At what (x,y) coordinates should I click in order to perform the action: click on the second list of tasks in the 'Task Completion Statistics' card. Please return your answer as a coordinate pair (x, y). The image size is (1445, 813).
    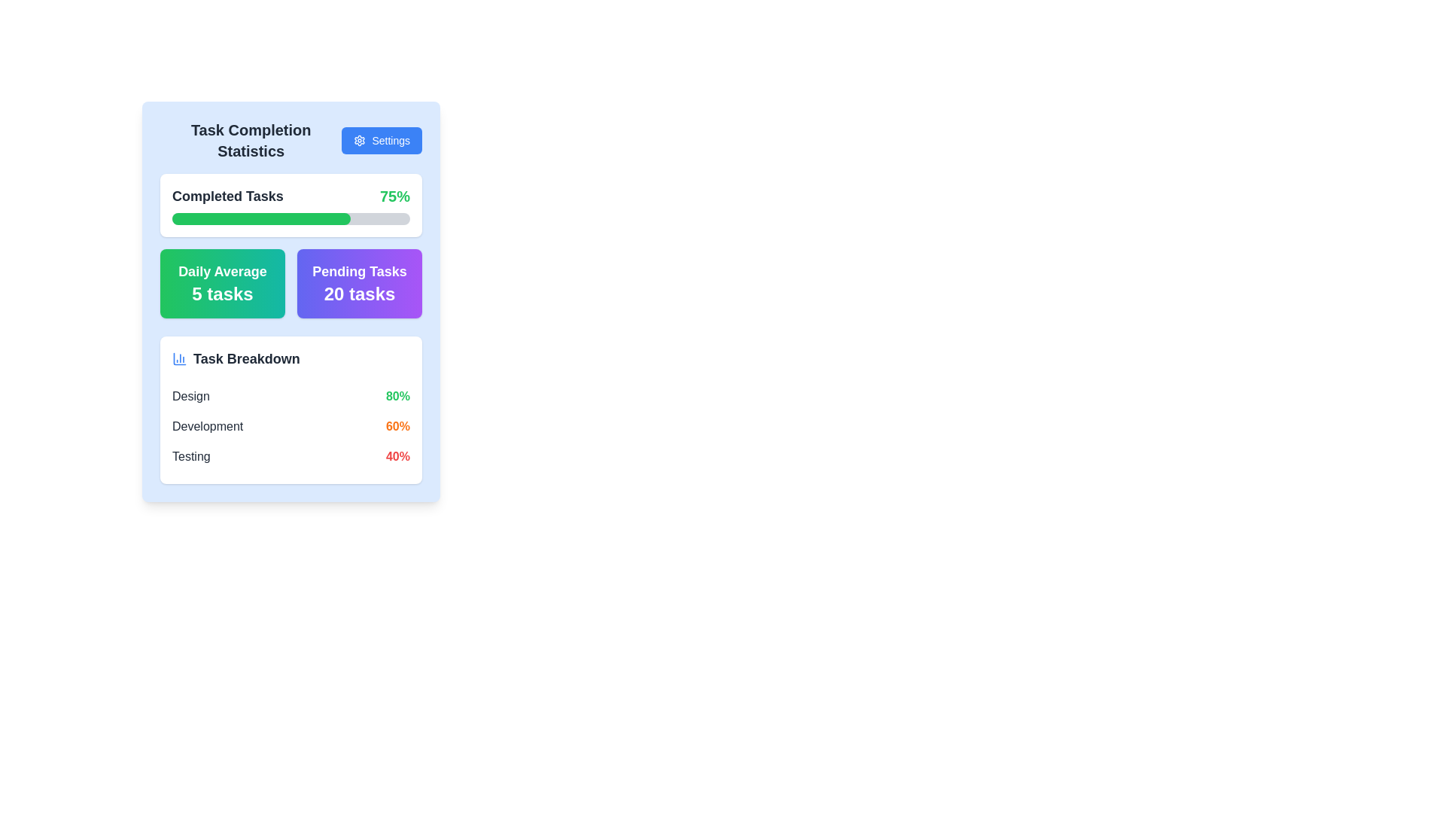
    Looking at the image, I should click on (291, 427).